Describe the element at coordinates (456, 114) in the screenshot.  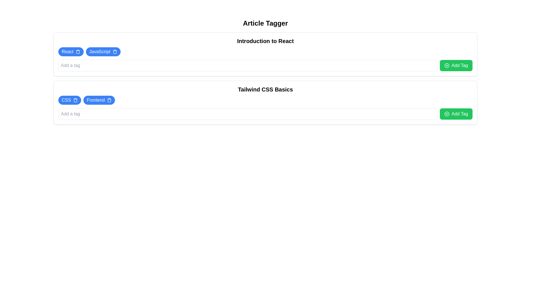
I see `the button that facilitates adding a tag to the 'Tailwind CSS Basics' article, located at the right end of the associated input field` at that location.